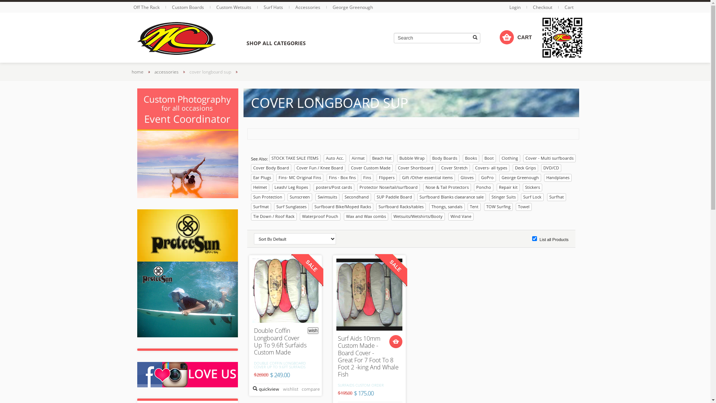 This screenshot has height=403, width=716. I want to click on 'Towel', so click(523, 207).